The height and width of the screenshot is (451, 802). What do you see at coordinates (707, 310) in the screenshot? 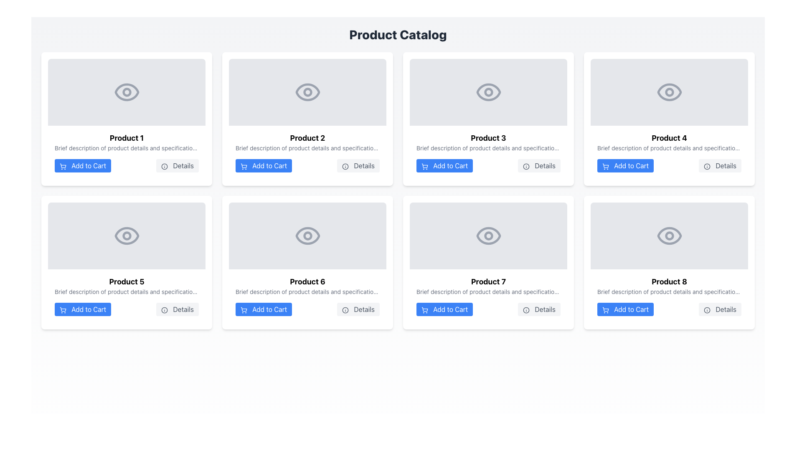
I see `the 'Details' button located below the eighth product card in the product catalog grid` at bounding box center [707, 310].